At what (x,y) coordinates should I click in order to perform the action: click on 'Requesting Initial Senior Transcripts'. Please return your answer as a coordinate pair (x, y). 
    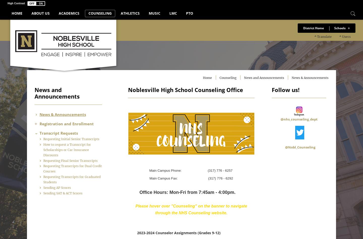
    Looking at the image, I should click on (53, 141).